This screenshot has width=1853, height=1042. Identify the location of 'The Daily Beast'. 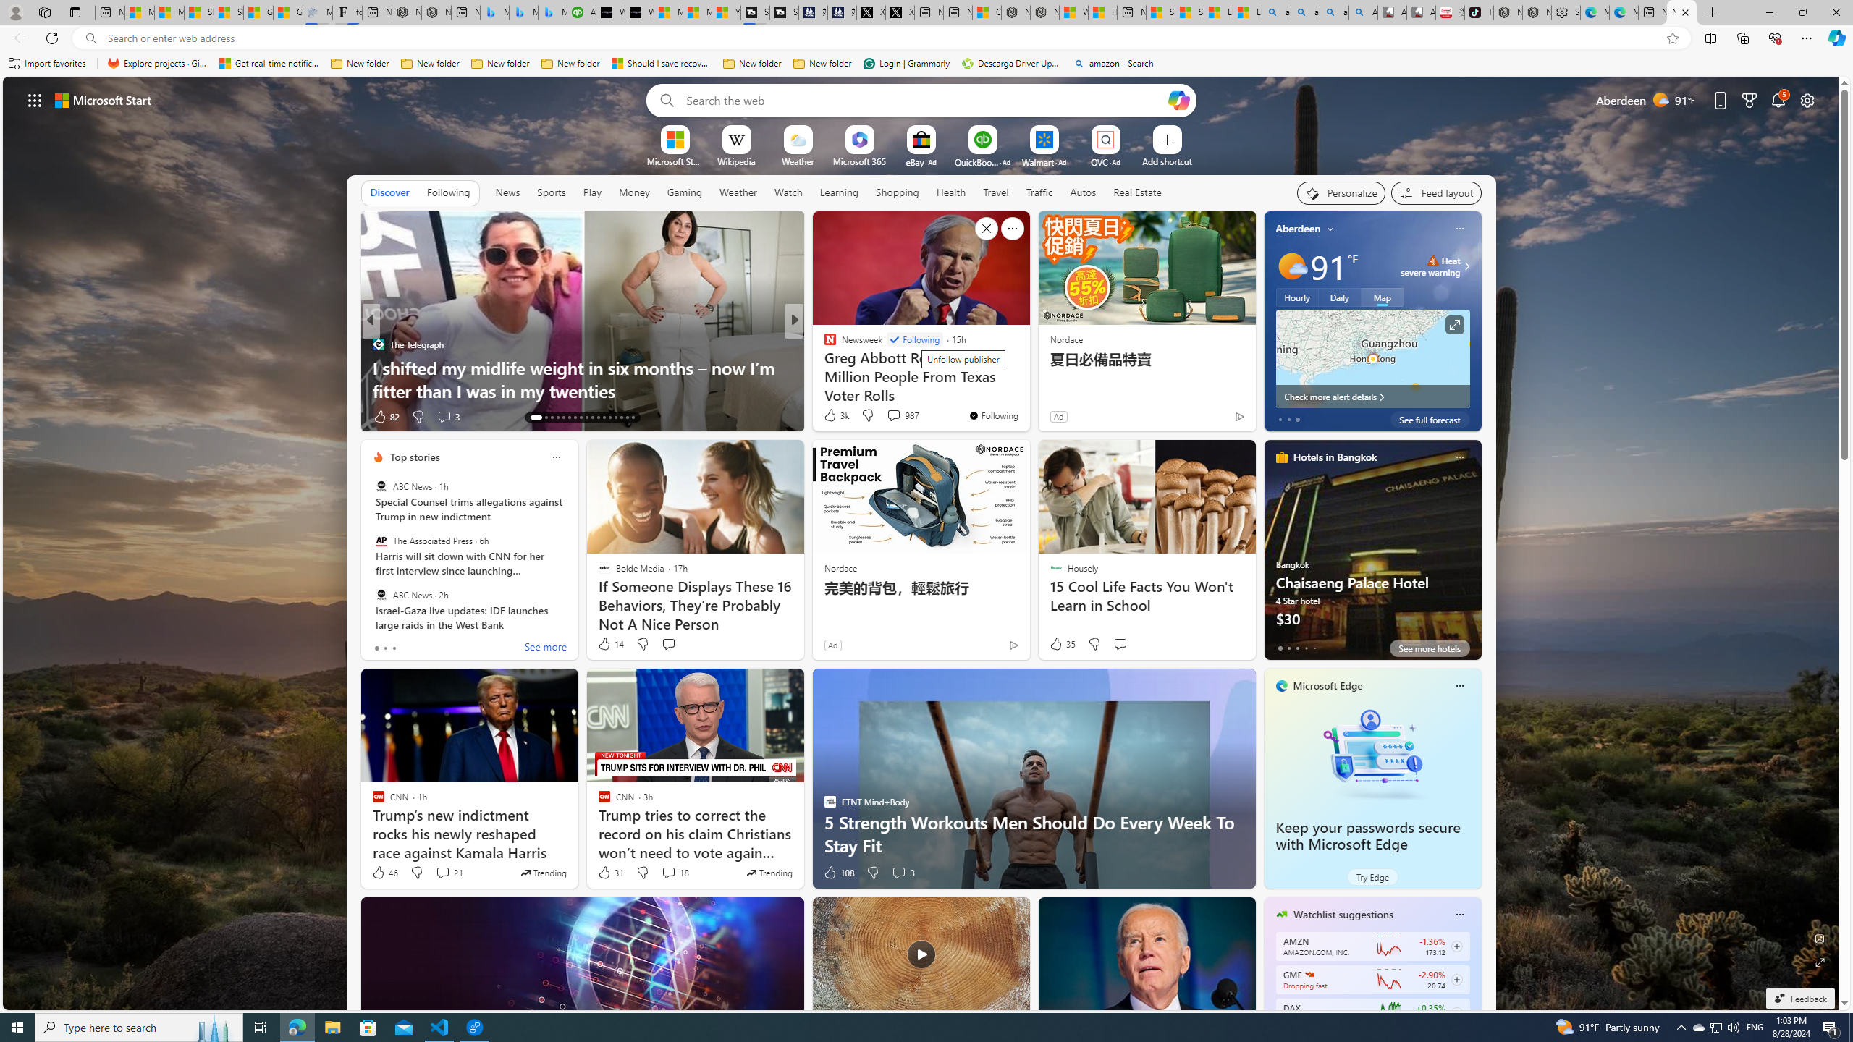
(823, 343).